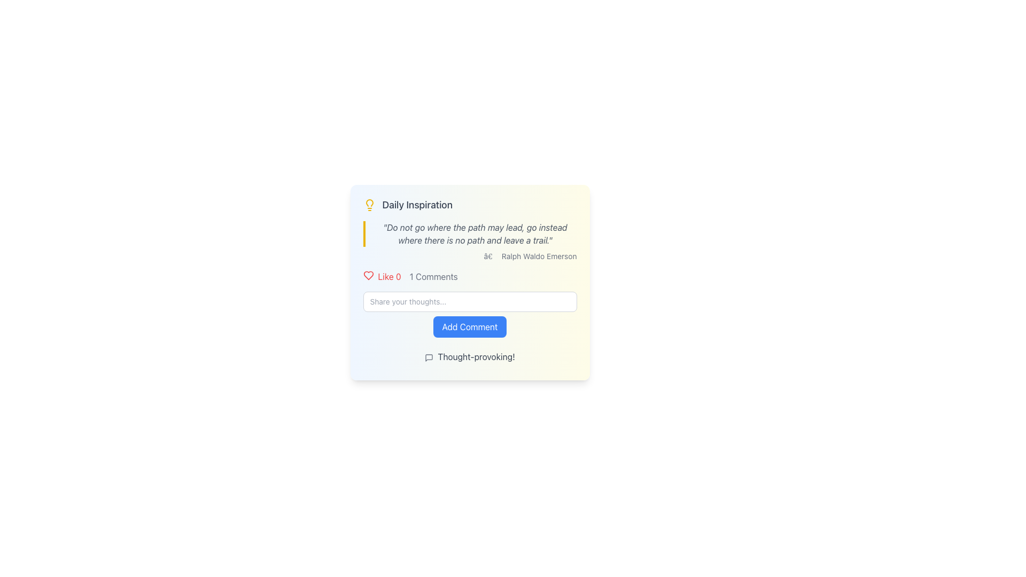 This screenshot has width=1026, height=577. I want to click on the upper part of the lightbulb icon representing the filament area, located to the left of the title 'Daily Inspiration' in a UI card, so click(369, 203).